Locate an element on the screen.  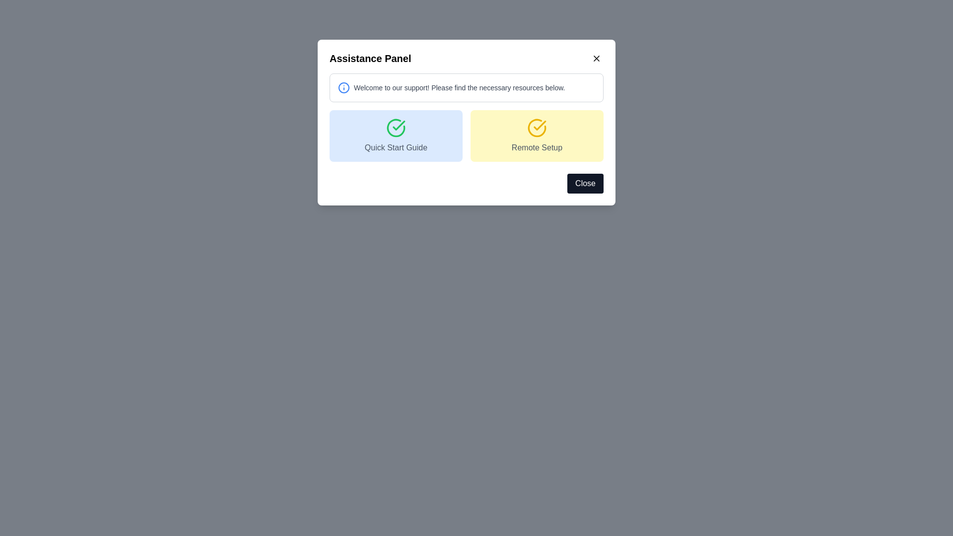
the 'Close' button with dark gray background and white text is located at coordinates (585, 184).